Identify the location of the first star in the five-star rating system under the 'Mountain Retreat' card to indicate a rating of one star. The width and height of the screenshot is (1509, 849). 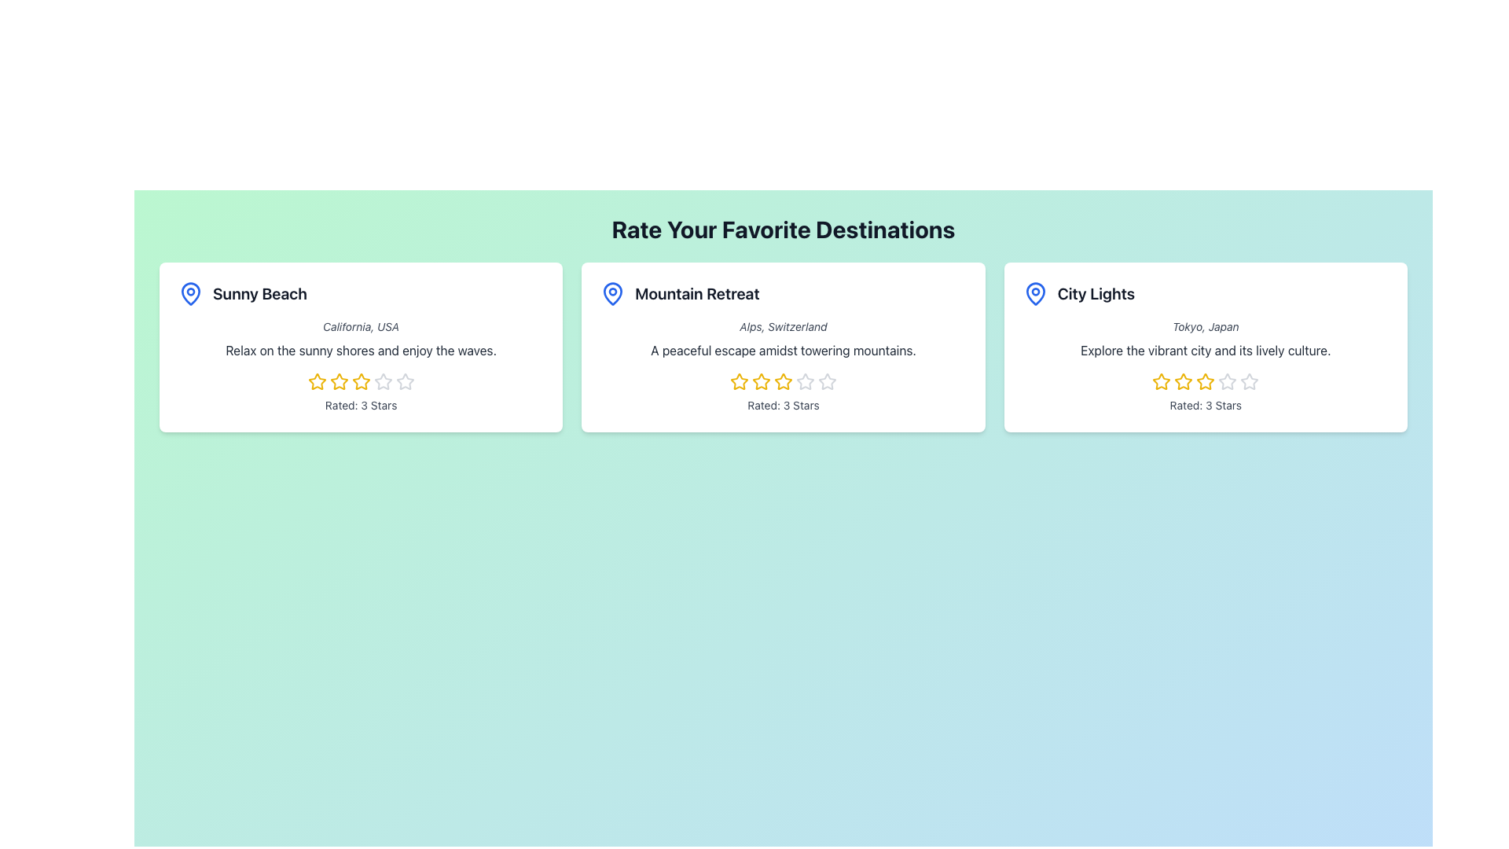
(738, 381).